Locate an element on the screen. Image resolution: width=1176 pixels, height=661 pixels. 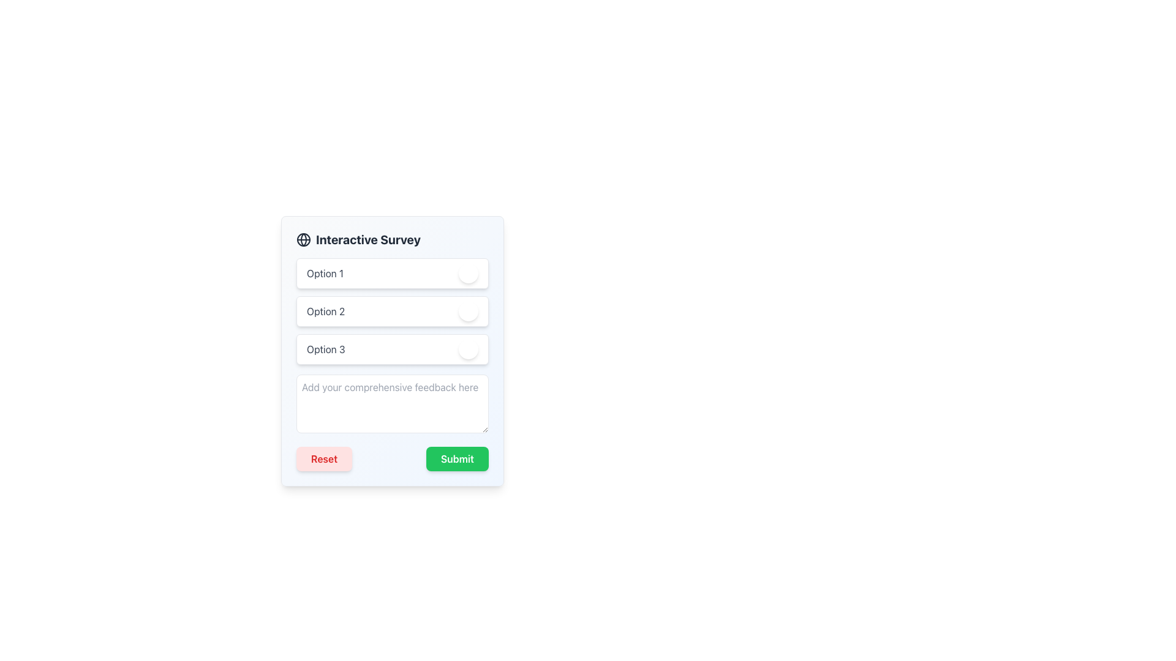
the circular toggle button located to the right of the 'Option 2' label for keyboard interaction is located at coordinates (467, 311).